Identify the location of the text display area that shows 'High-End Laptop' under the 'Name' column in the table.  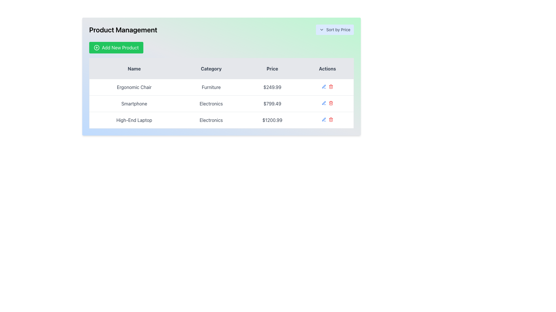
(134, 120).